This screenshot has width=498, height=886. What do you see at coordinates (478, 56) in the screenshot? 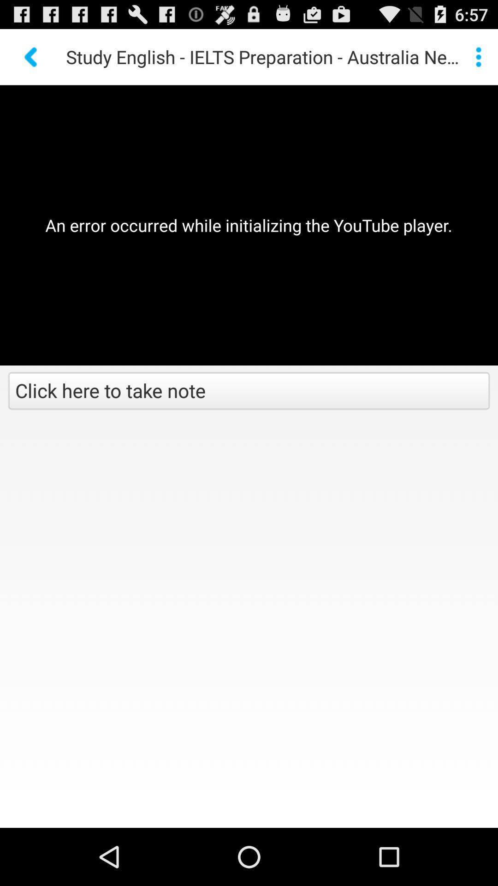
I see `the item to the right of study english ielts` at bounding box center [478, 56].